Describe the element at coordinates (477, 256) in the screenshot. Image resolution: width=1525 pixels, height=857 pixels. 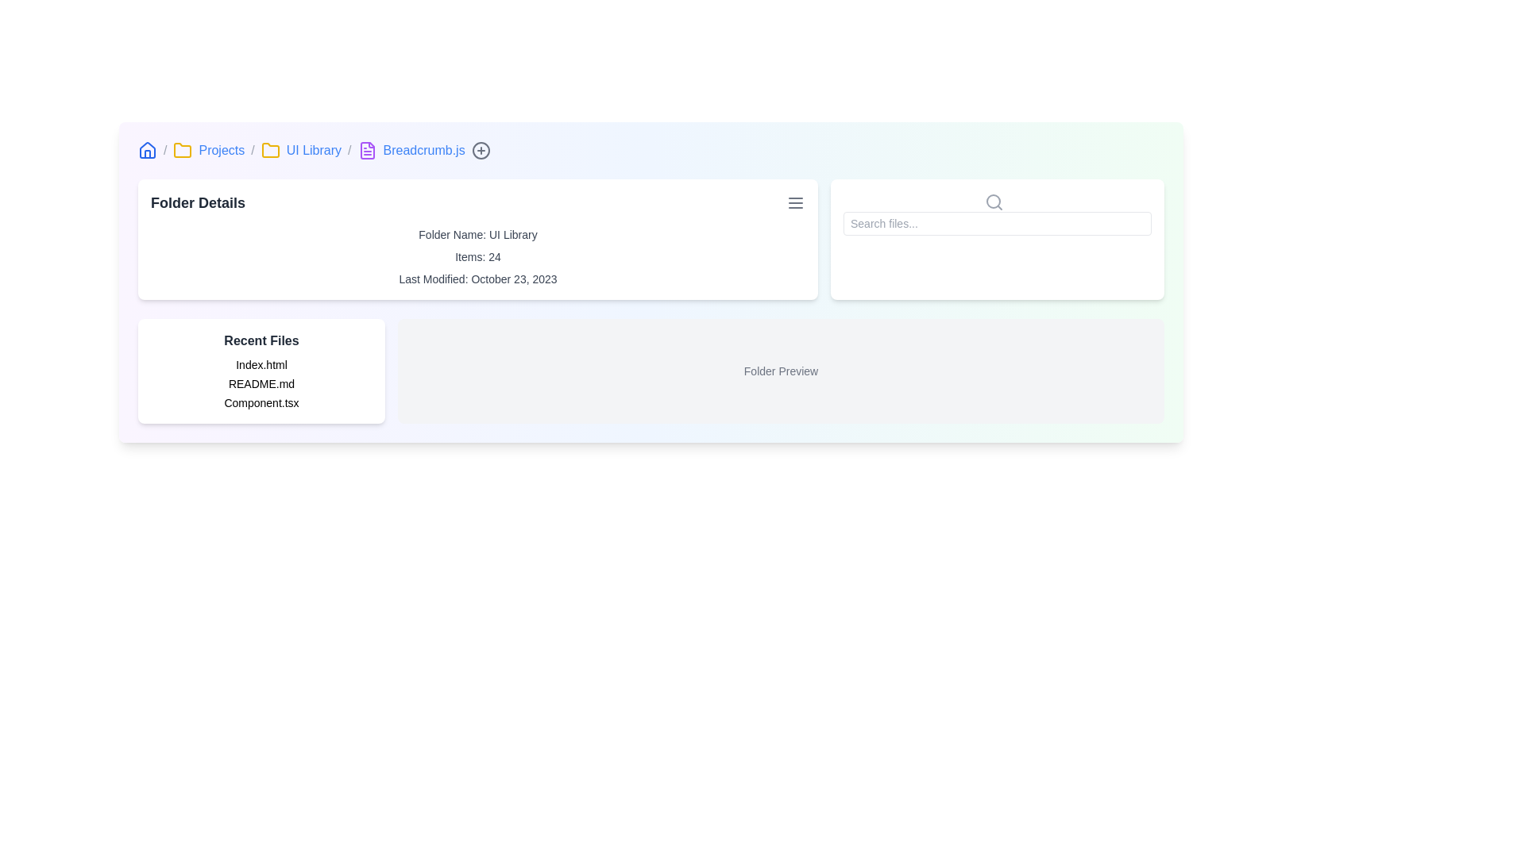
I see `the text block displaying folder details, which includes 'Folder Name: UI Library', 'Items: 24', and 'Last Modified: October 23, 2023', located within the 'Folder Details' card` at that location.